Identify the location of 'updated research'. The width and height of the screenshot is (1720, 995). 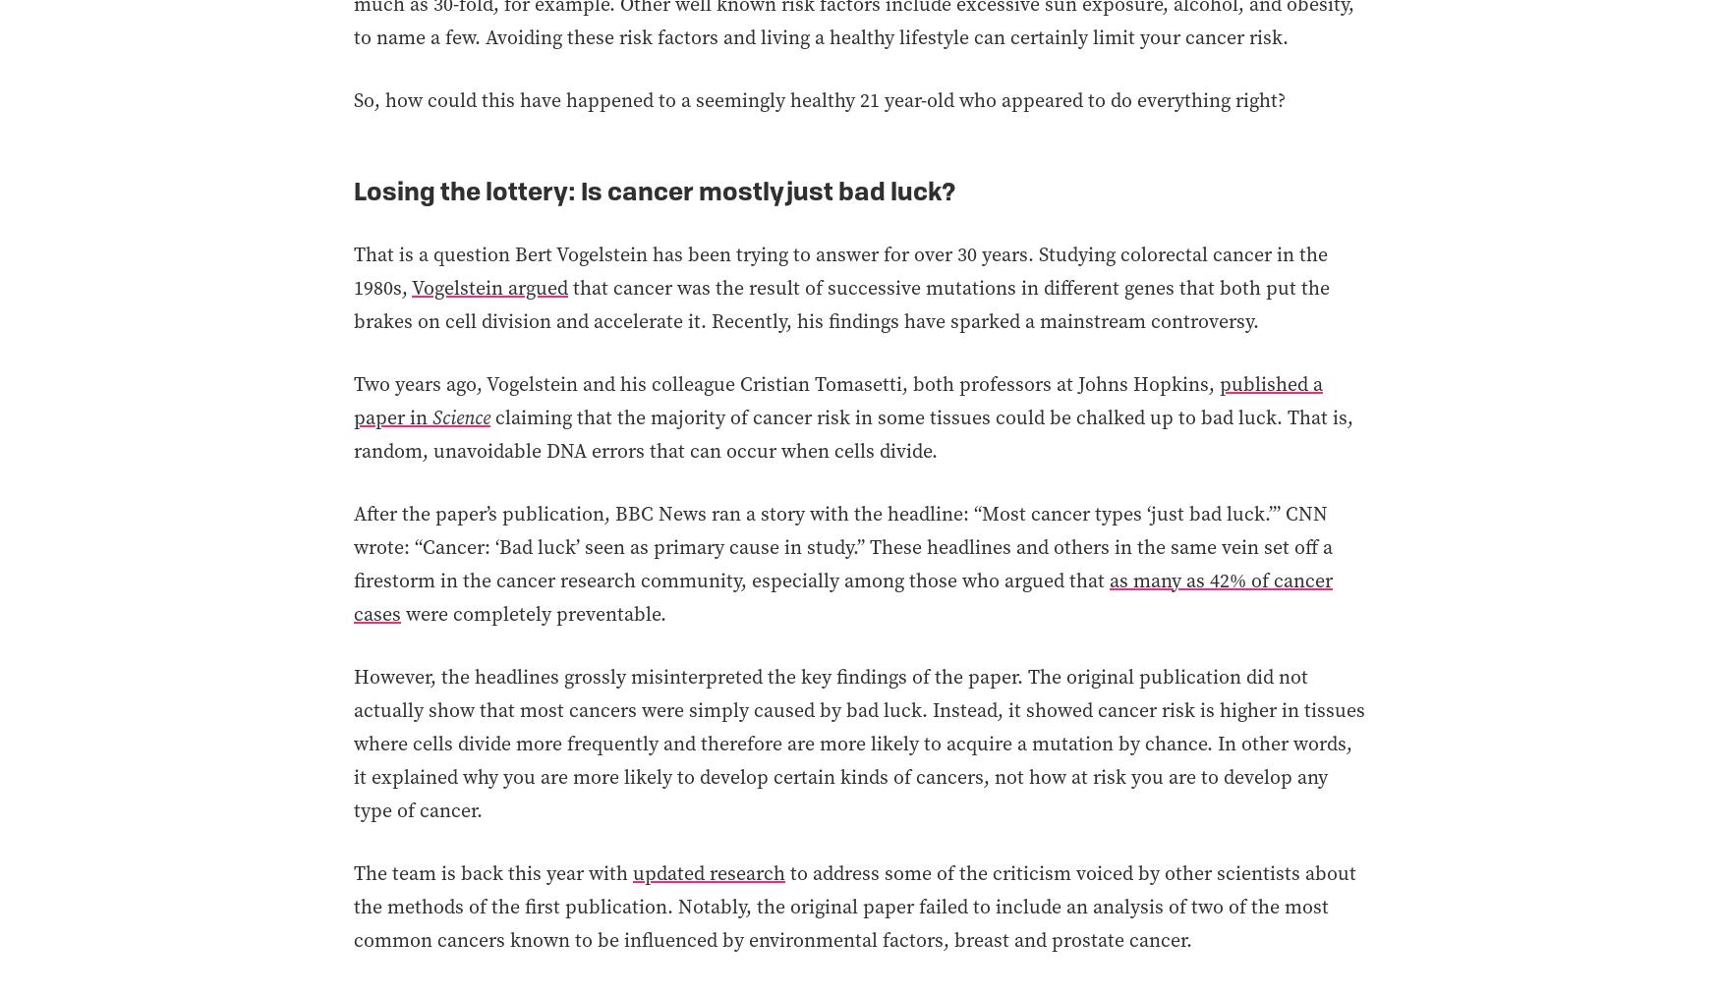
(632, 870).